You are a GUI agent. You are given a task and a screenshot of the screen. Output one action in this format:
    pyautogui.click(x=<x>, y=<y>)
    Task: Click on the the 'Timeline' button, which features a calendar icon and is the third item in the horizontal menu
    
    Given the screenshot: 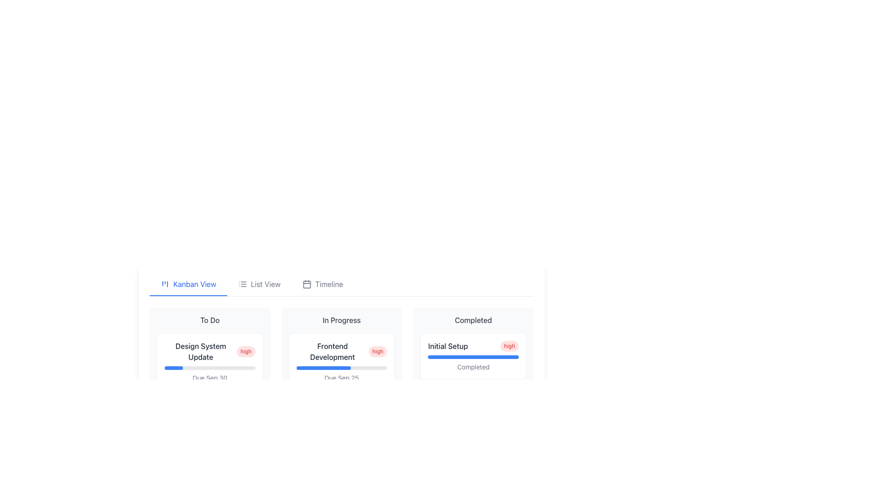 What is the action you would take?
    pyautogui.click(x=323, y=284)
    